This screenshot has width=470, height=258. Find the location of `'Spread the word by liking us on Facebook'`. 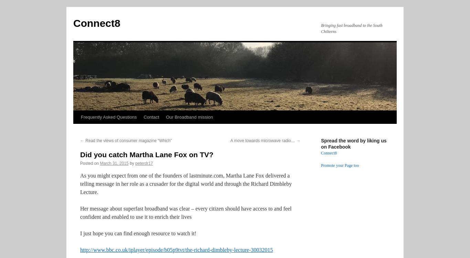

'Spread the word by liking us on Facebook' is located at coordinates (353, 143).